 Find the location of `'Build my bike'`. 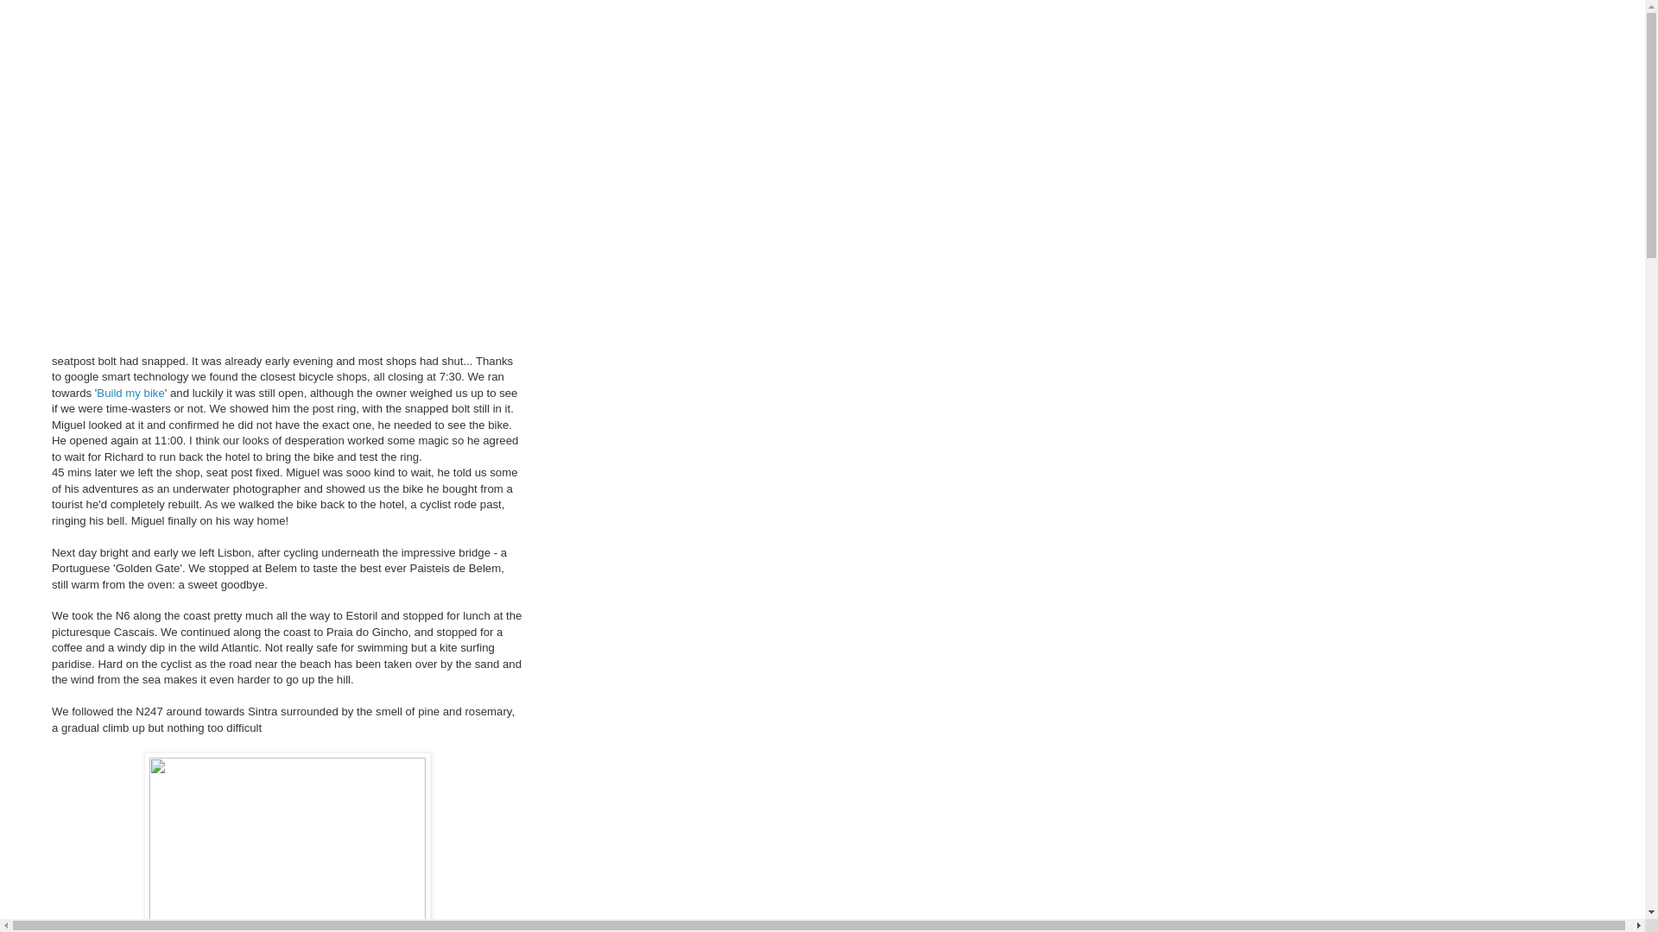

'Build my bike' is located at coordinates (129, 393).